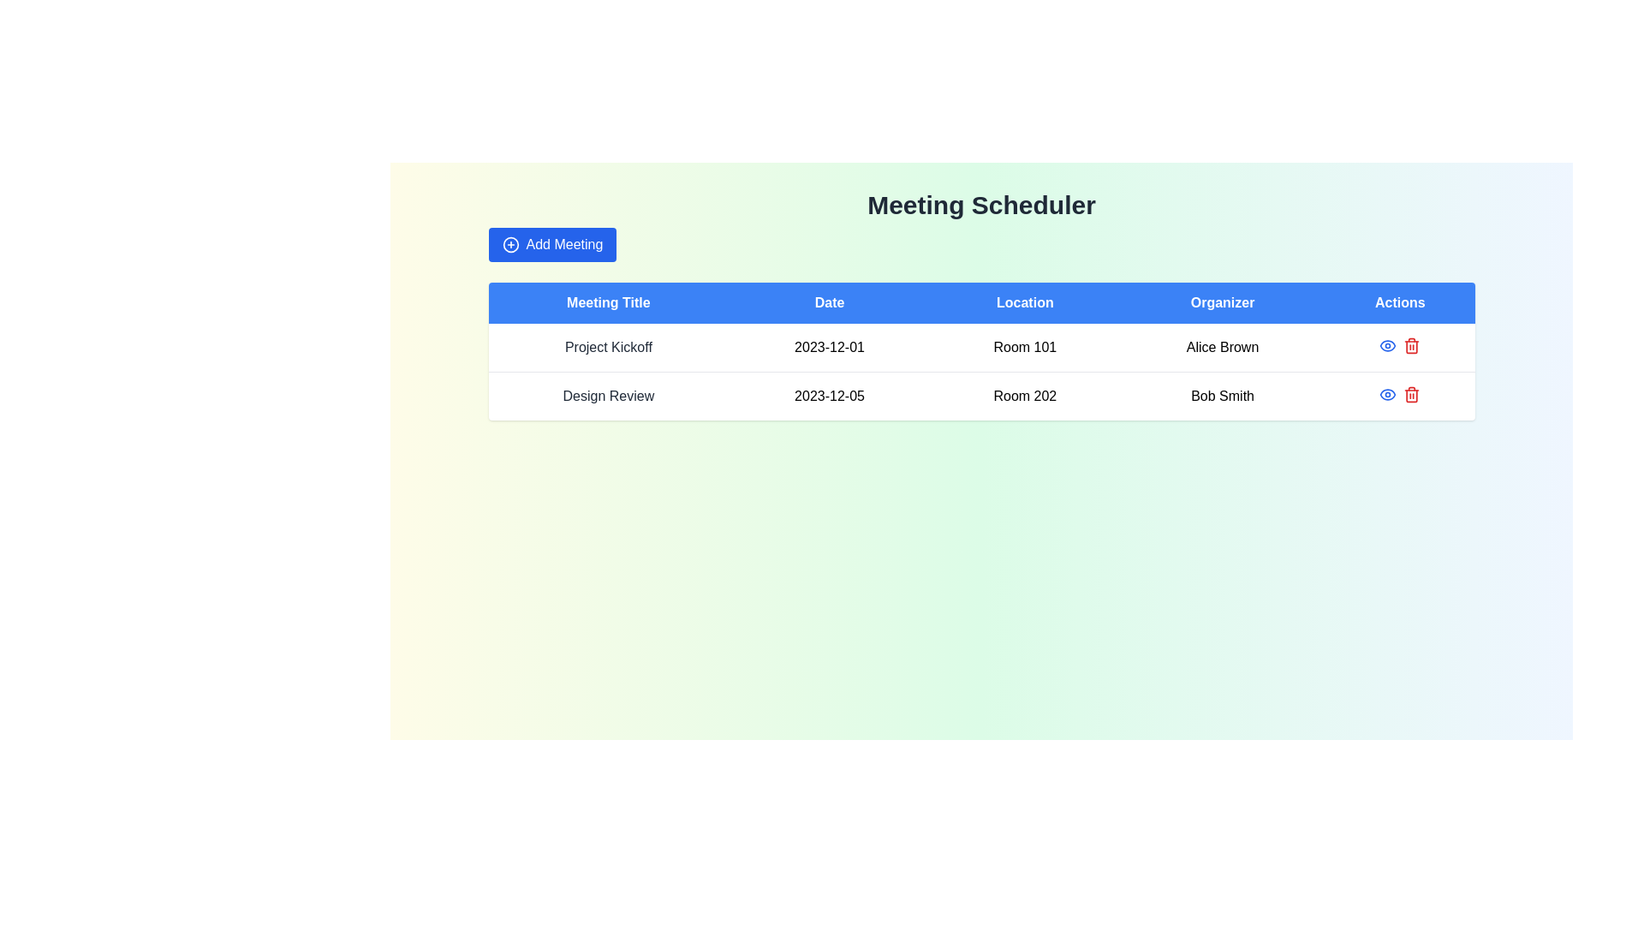  What do you see at coordinates (1025, 396) in the screenshot?
I see `the static text label displaying 'Room 202' in the data table under the 'Location' column, aligned with 'Design Review' and 'Bob Smith'` at bounding box center [1025, 396].